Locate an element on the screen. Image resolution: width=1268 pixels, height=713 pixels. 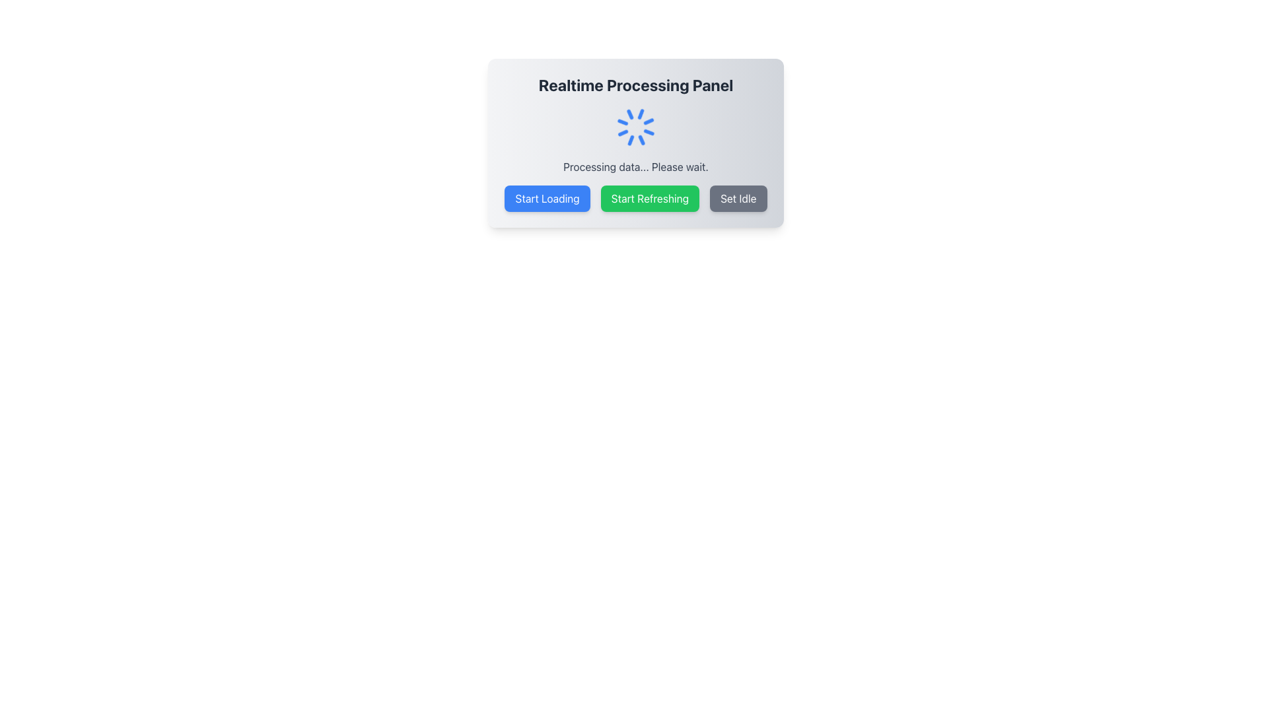
the Spinner Segment which is part of a visual spinner indicating processing status, located in the upper right quadrant of the UI panel is located at coordinates (649, 133).